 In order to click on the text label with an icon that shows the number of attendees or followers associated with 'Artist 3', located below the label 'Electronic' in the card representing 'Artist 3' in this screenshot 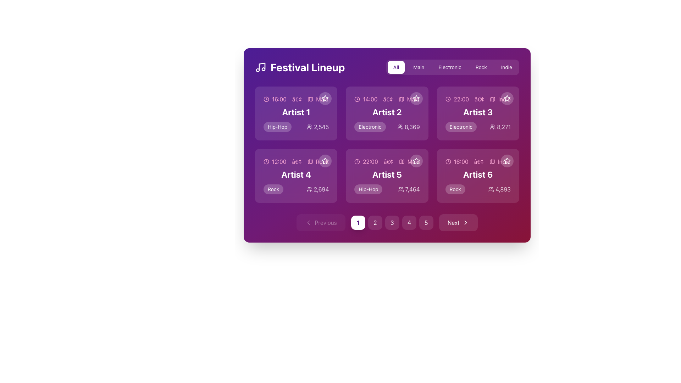, I will do `click(500, 127)`.